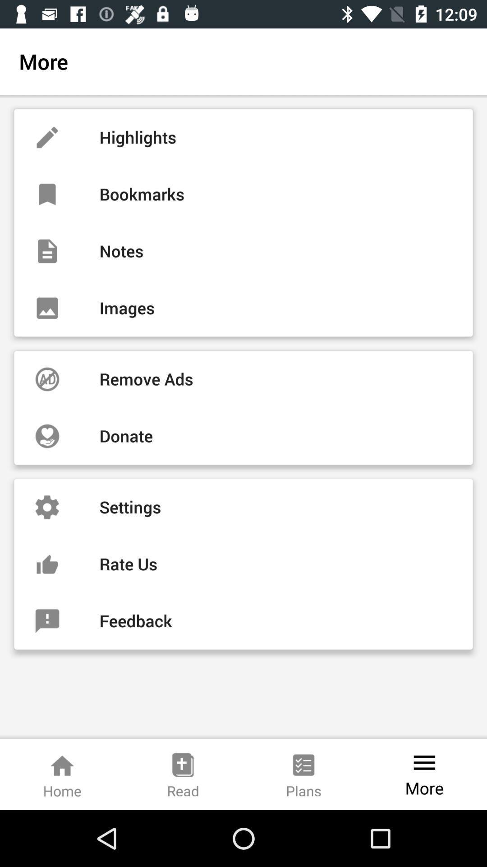  I want to click on icon above the feedback item, so click(243, 564).